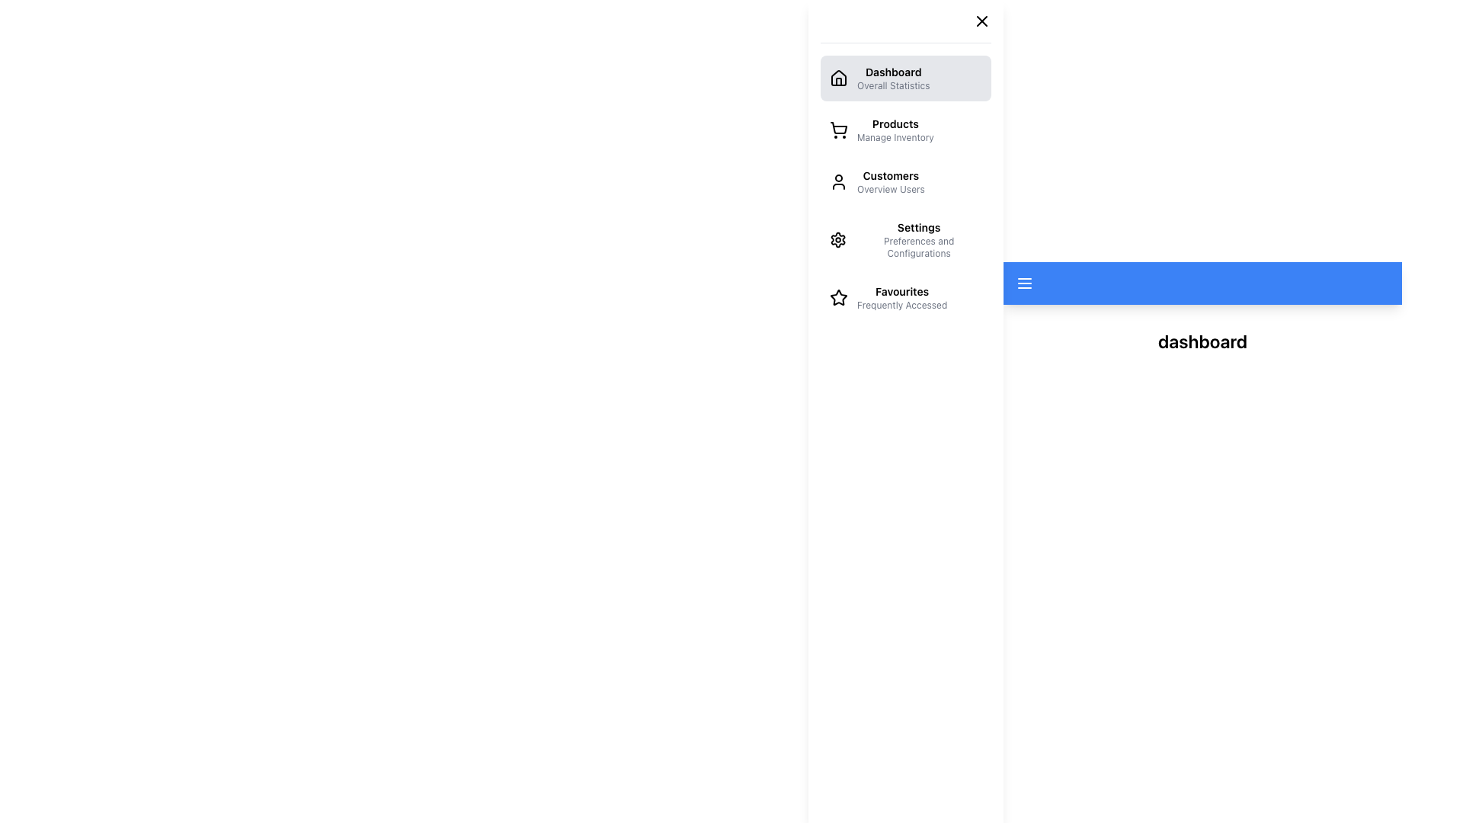 The height and width of the screenshot is (823, 1463). Describe the element at coordinates (837, 240) in the screenshot. I see `the gear-shaped icon associated with the 'Settings' entry in the sidebar menu, which is the fourth entry from the top` at that location.